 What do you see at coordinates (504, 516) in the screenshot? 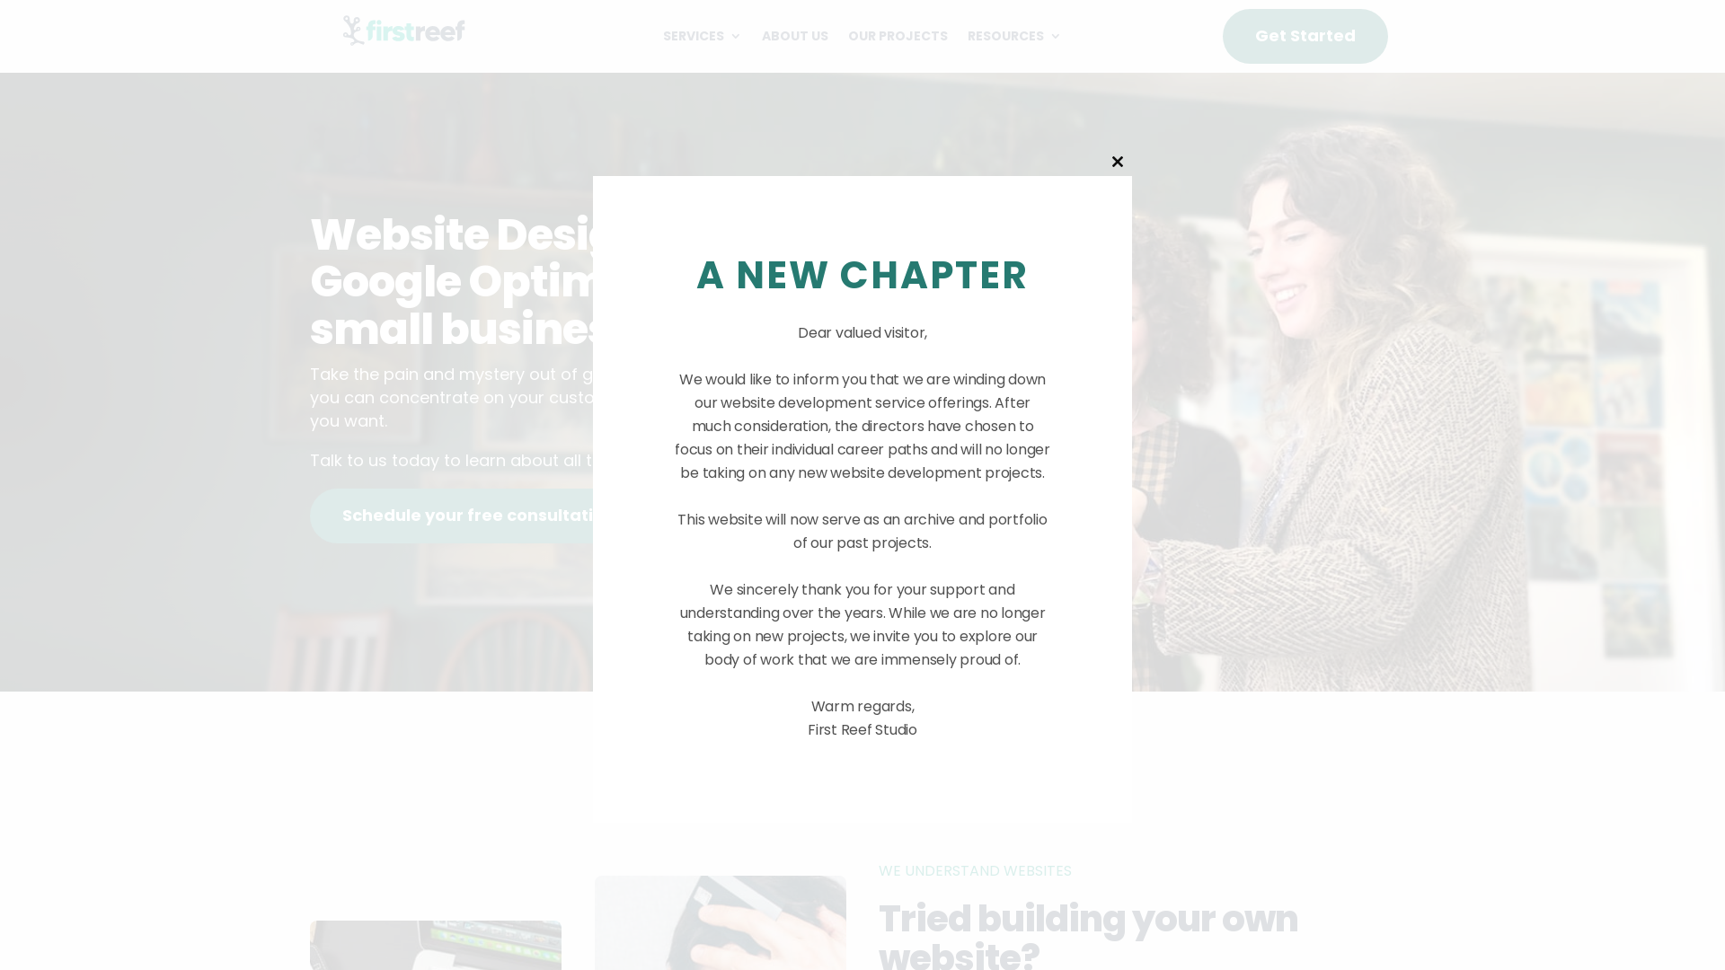
I see `'Schedule your free consultation today'` at bounding box center [504, 516].